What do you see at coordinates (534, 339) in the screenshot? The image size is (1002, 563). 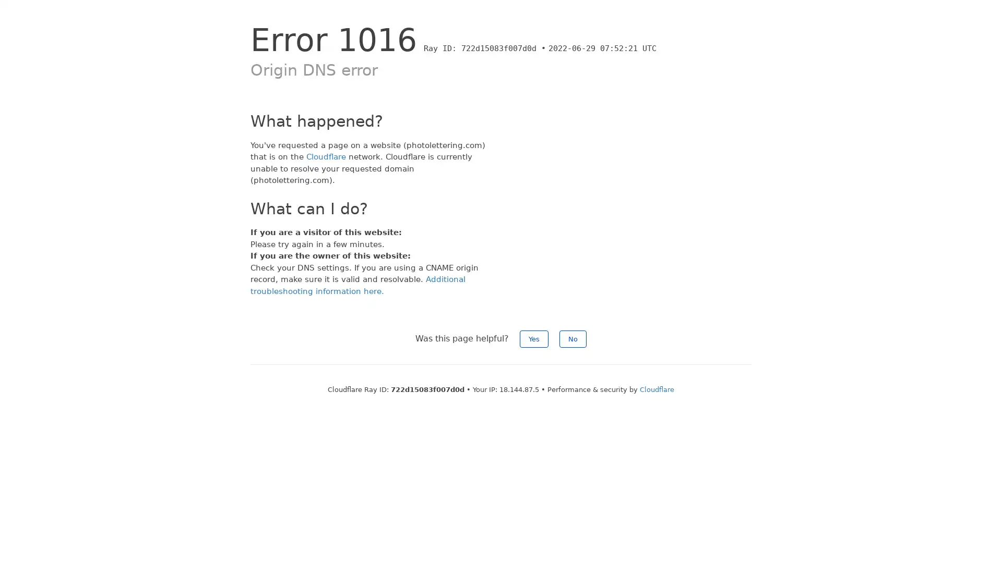 I see `Yes` at bounding box center [534, 339].